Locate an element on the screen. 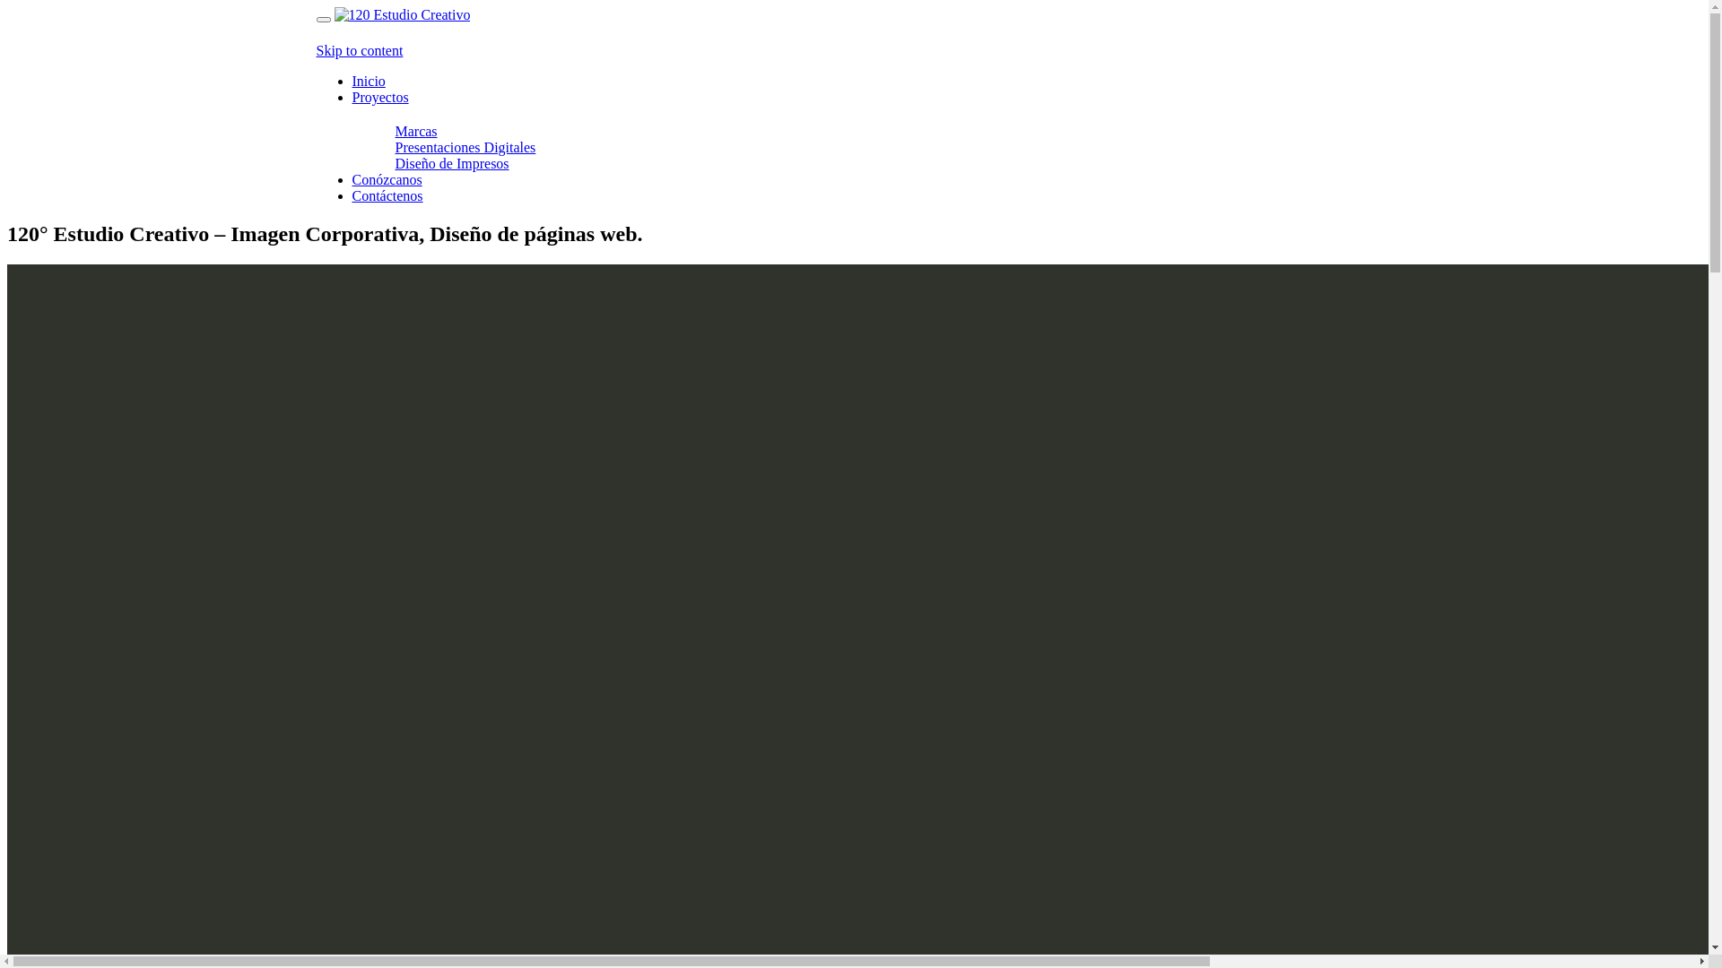 The height and width of the screenshot is (968, 1722). 'Inicio' is located at coordinates (367, 81).